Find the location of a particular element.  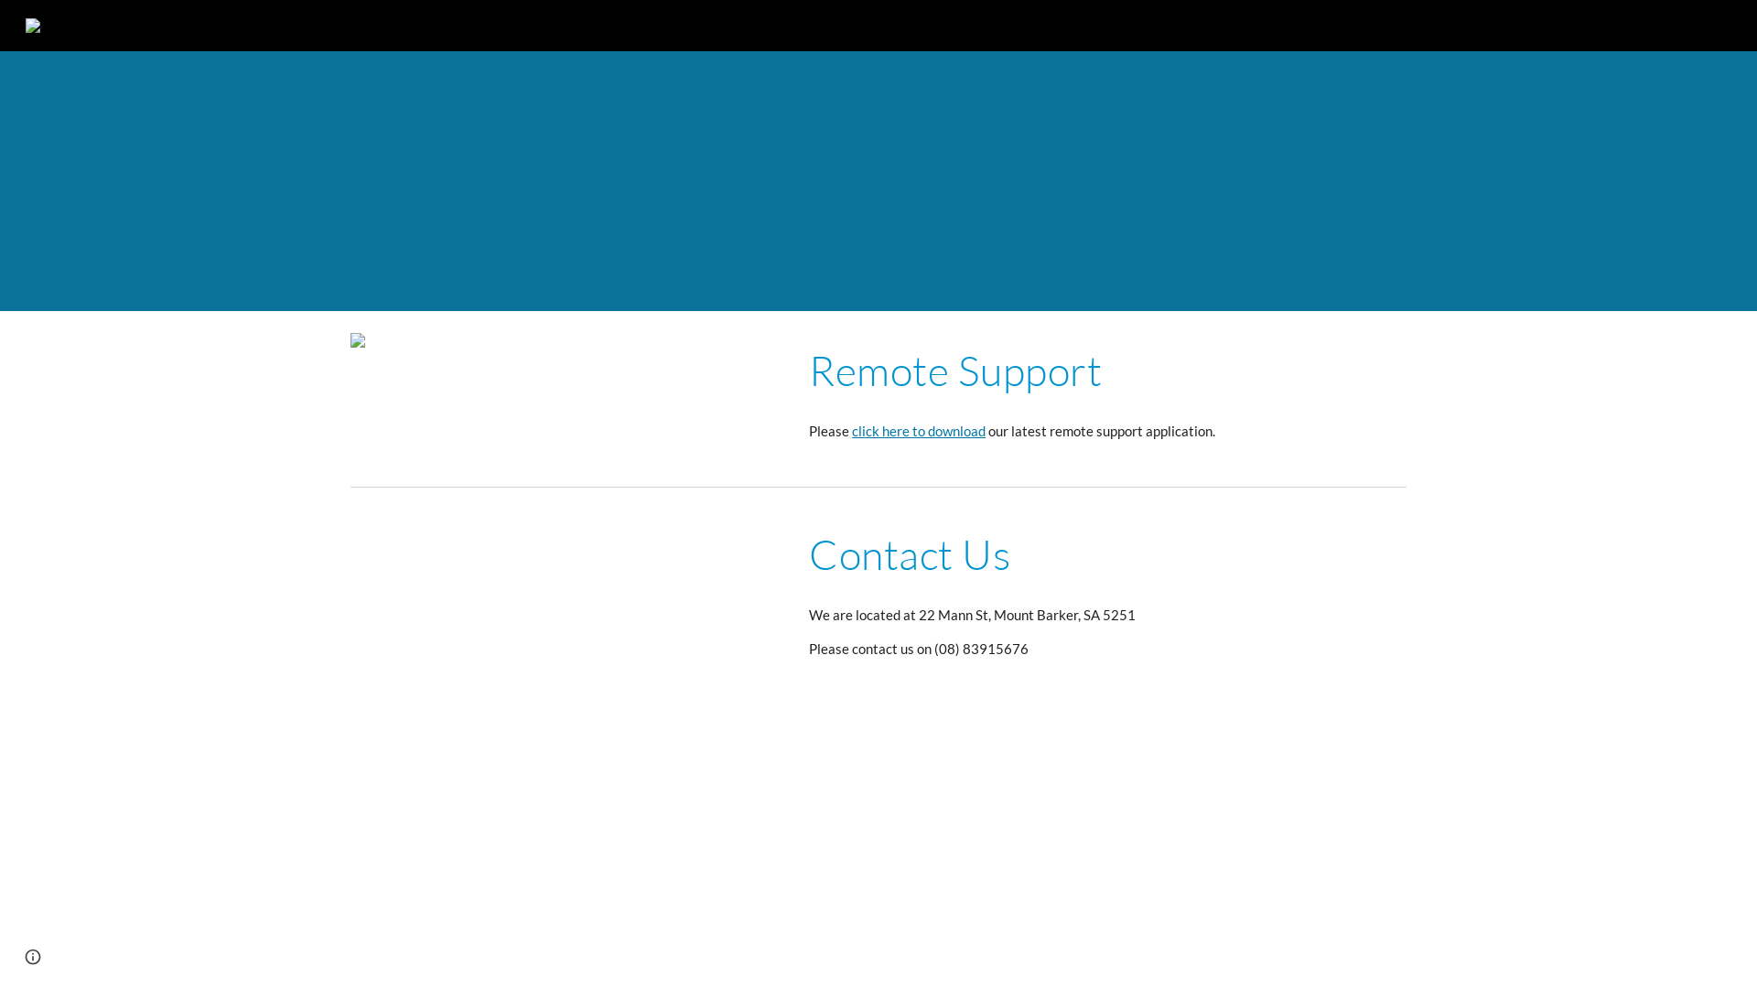

'click here to download' is located at coordinates (918, 431).